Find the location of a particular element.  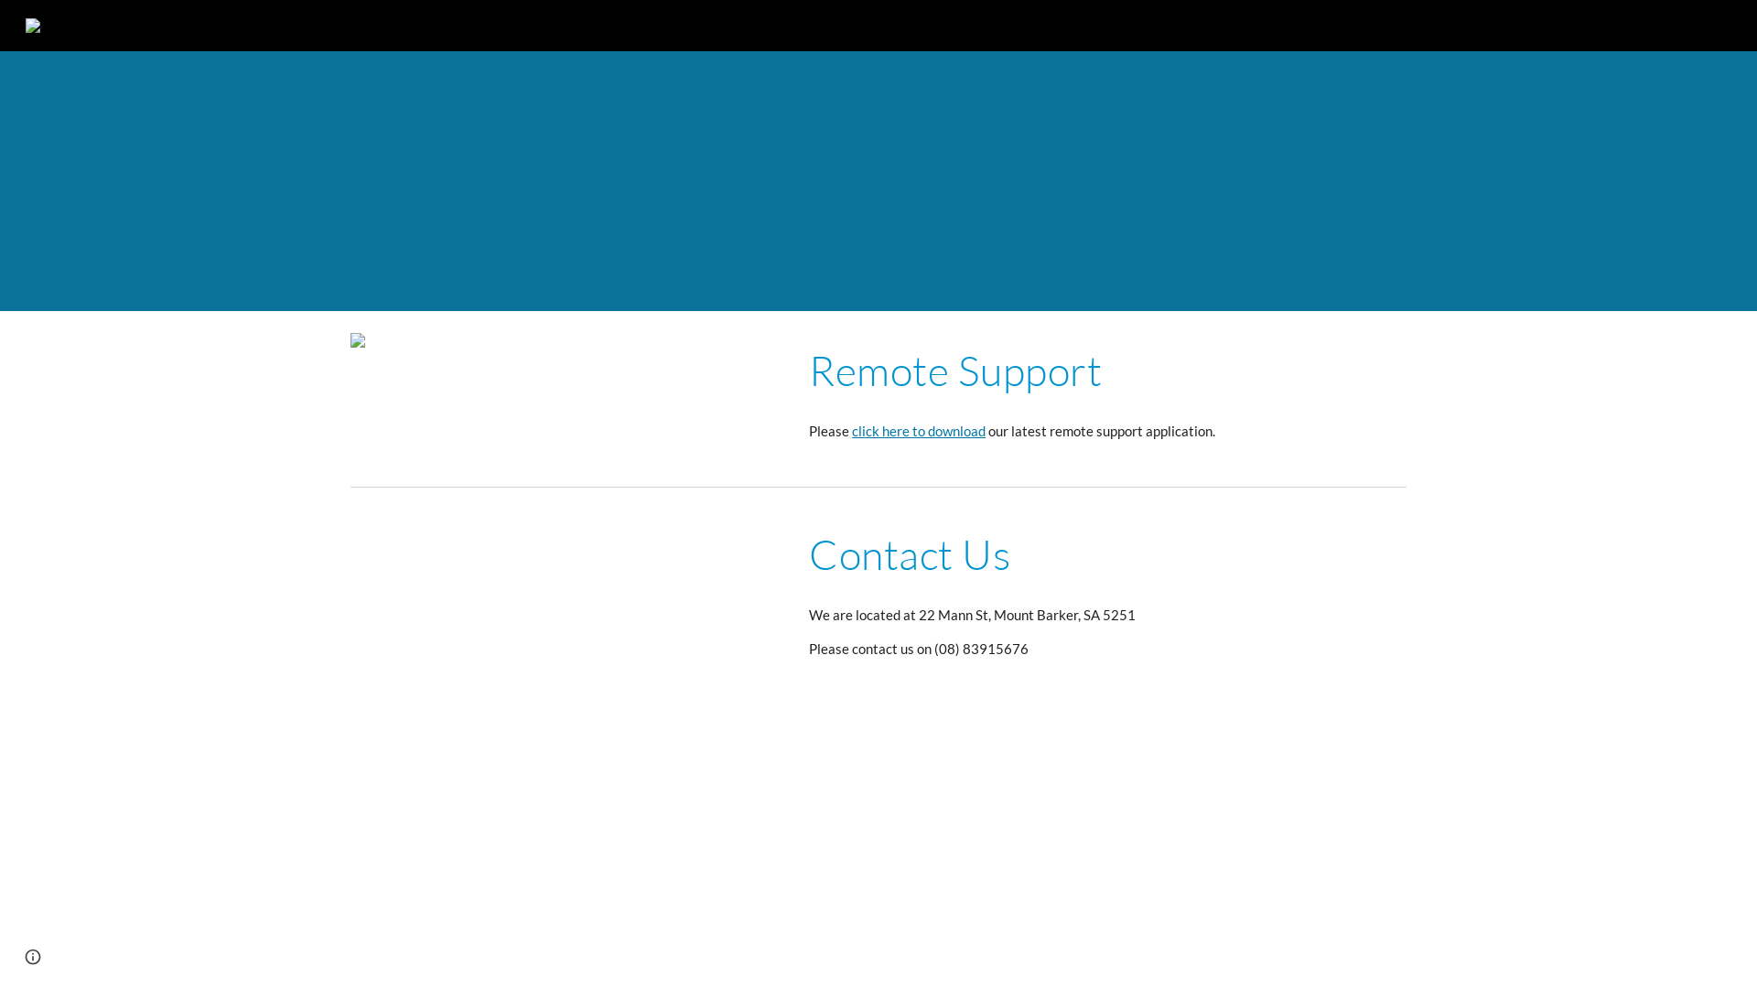

'click here to download' is located at coordinates (918, 431).